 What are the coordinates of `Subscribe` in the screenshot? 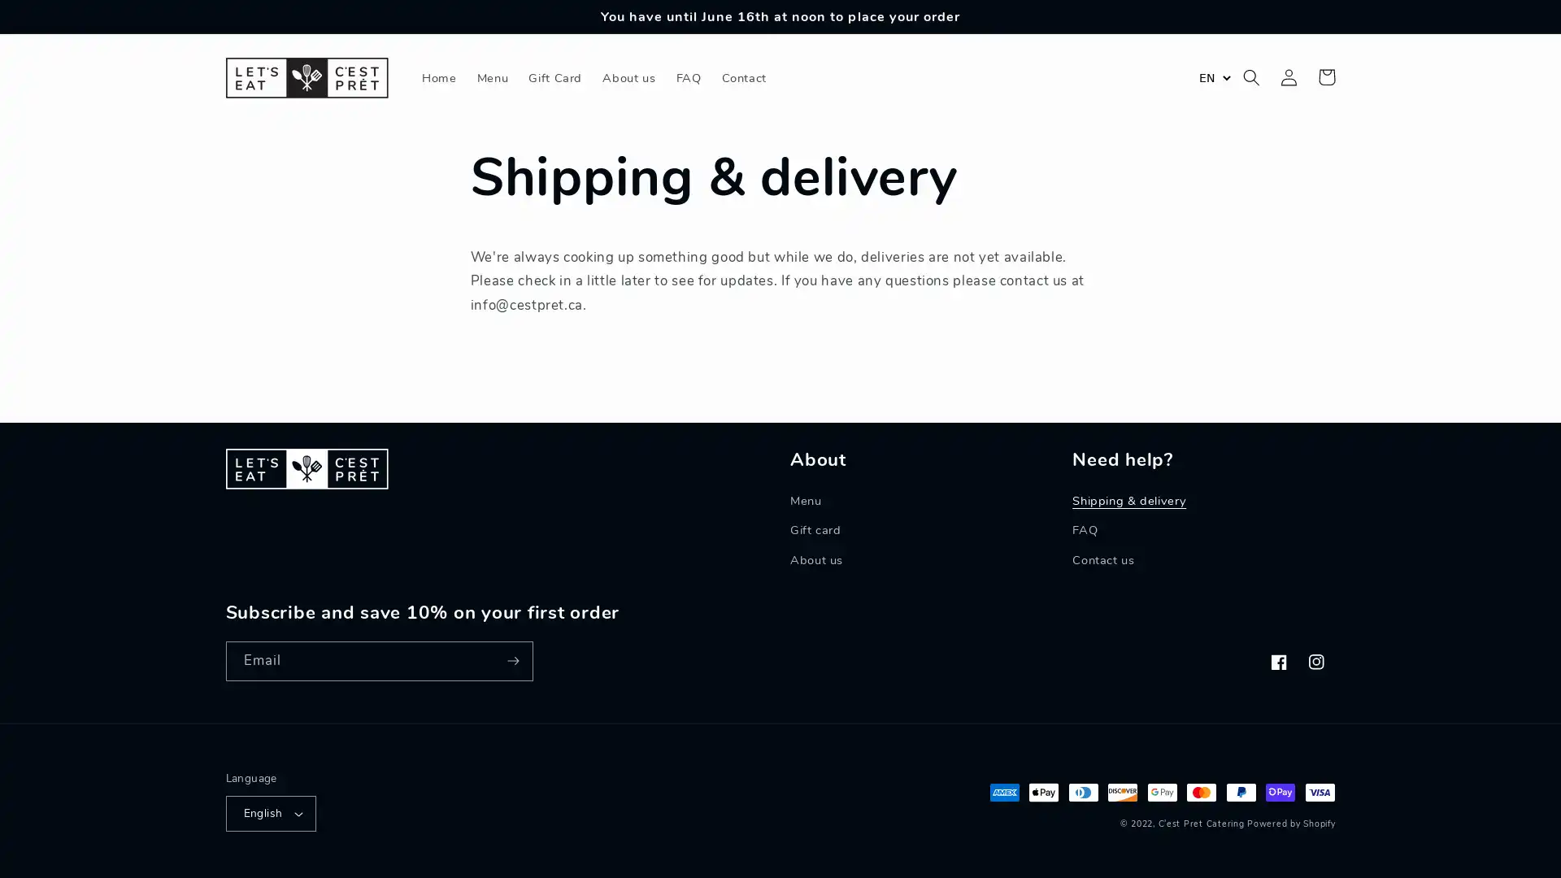 It's located at (511, 660).